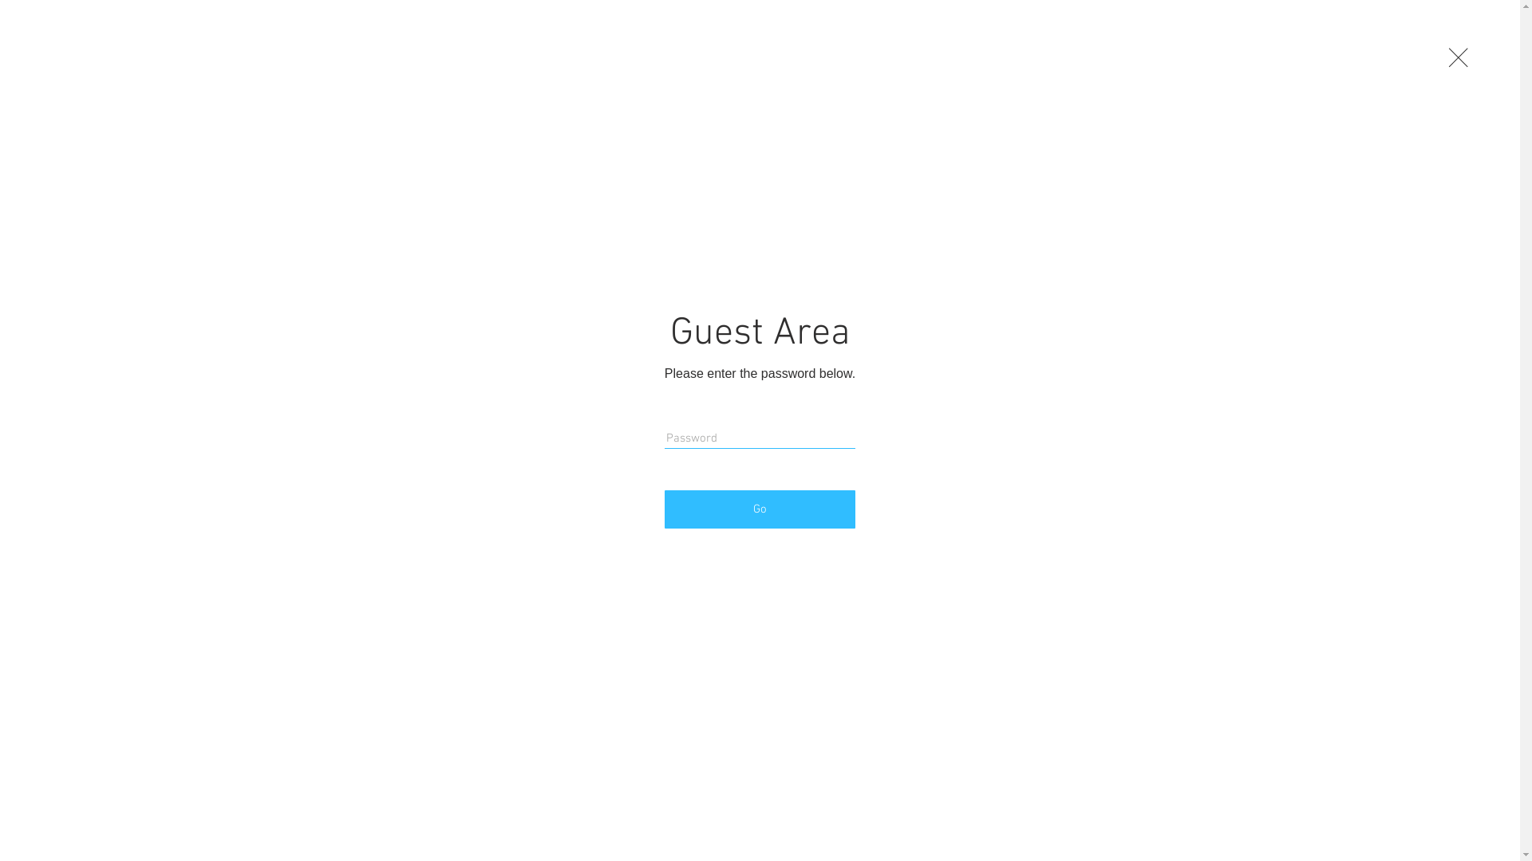 Image resolution: width=1532 pixels, height=861 pixels. What do you see at coordinates (759, 509) in the screenshot?
I see `'Go'` at bounding box center [759, 509].